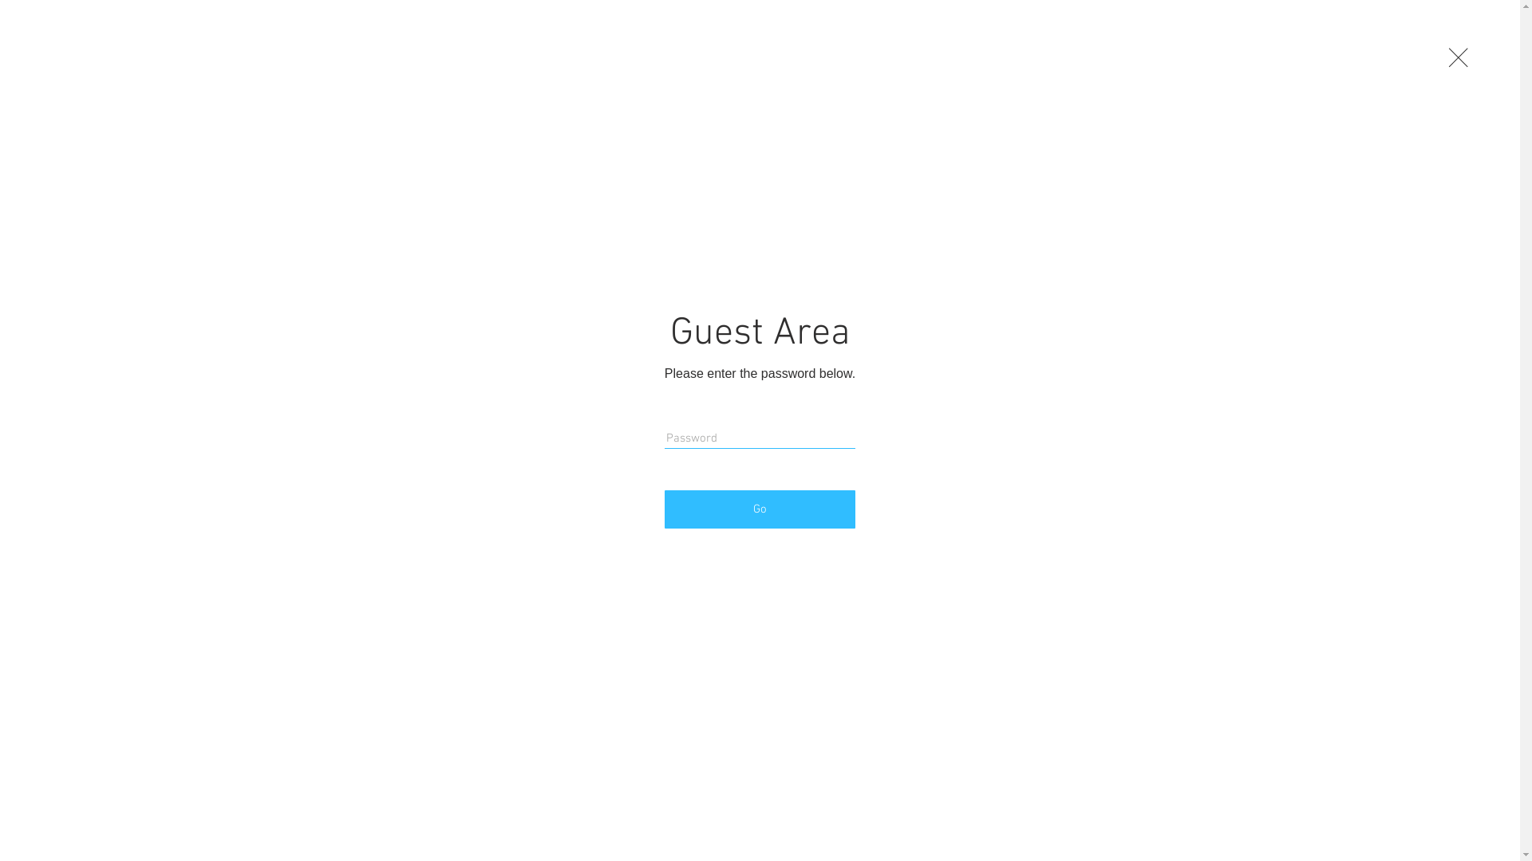 Image resolution: width=1532 pixels, height=861 pixels. What do you see at coordinates (759, 509) in the screenshot?
I see `'Go'` at bounding box center [759, 509].